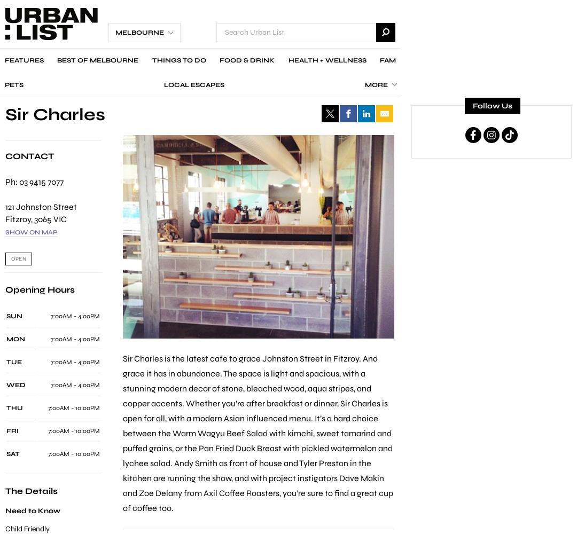 This screenshot has width=577, height=534. I want to click on 'THU', so click(14, 408).